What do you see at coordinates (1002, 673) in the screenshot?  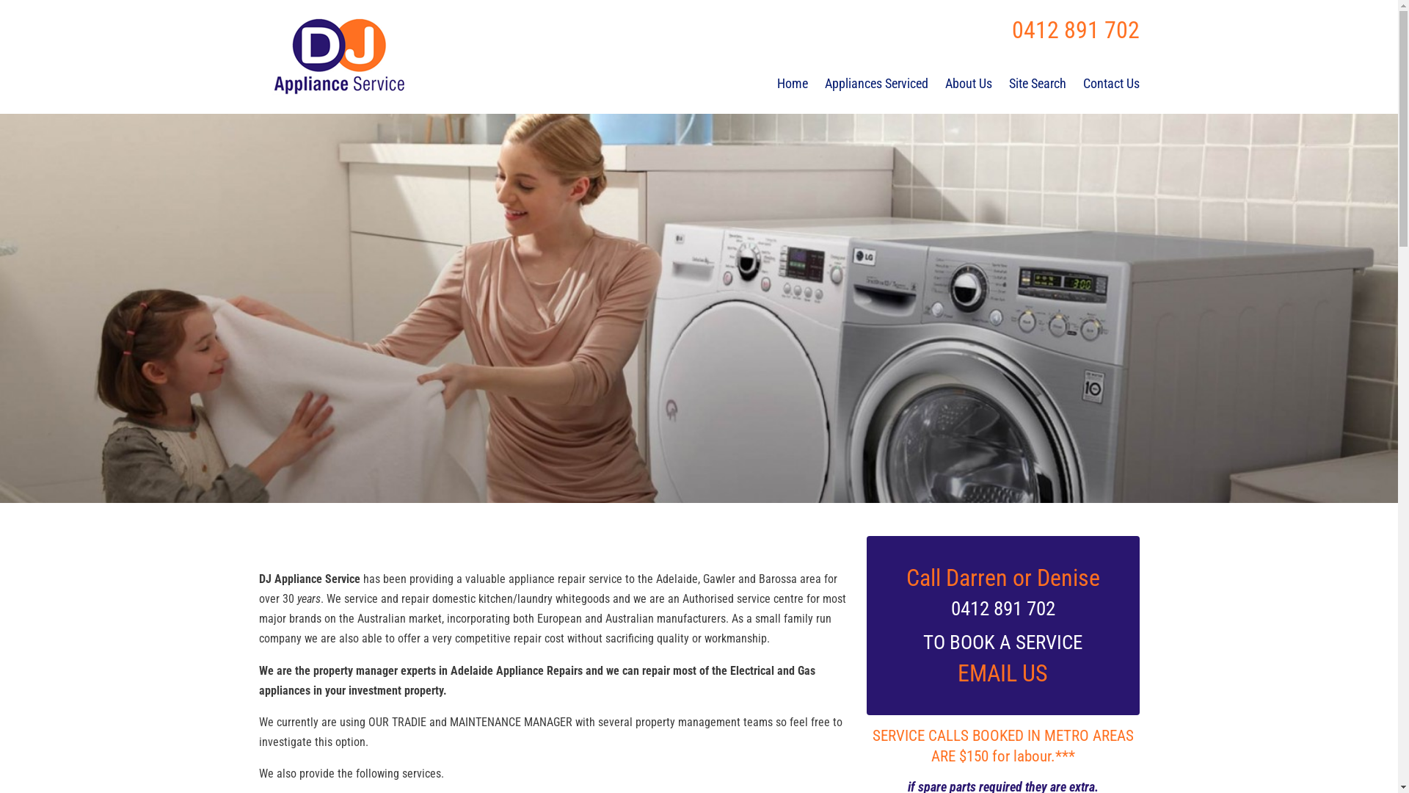 I see `'EMAIL US'` at bounding box center [1002, 673].